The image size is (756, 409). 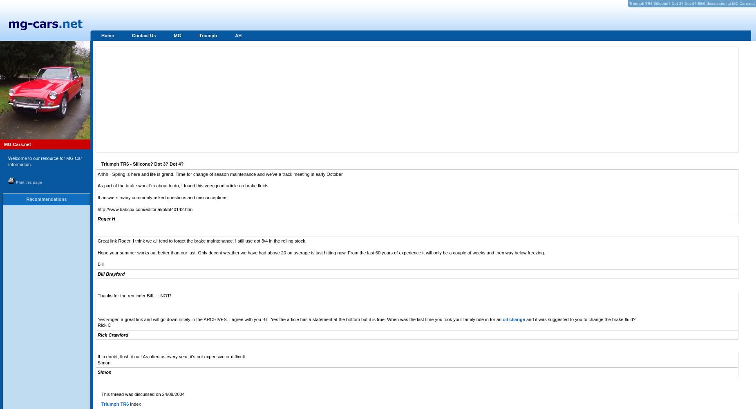 What do you see at coordinates (163, 197) in the screenshot?
I see `'It answers many commonly asked questions and misconceptions.'` at bounding box center [163, 197].